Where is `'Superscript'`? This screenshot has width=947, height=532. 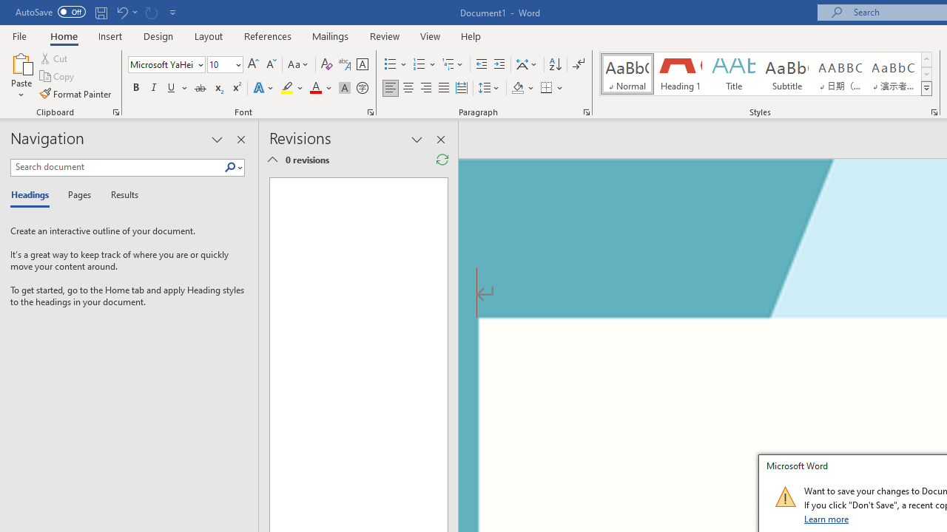
'Superscript' is located at coordinates (235, 88).